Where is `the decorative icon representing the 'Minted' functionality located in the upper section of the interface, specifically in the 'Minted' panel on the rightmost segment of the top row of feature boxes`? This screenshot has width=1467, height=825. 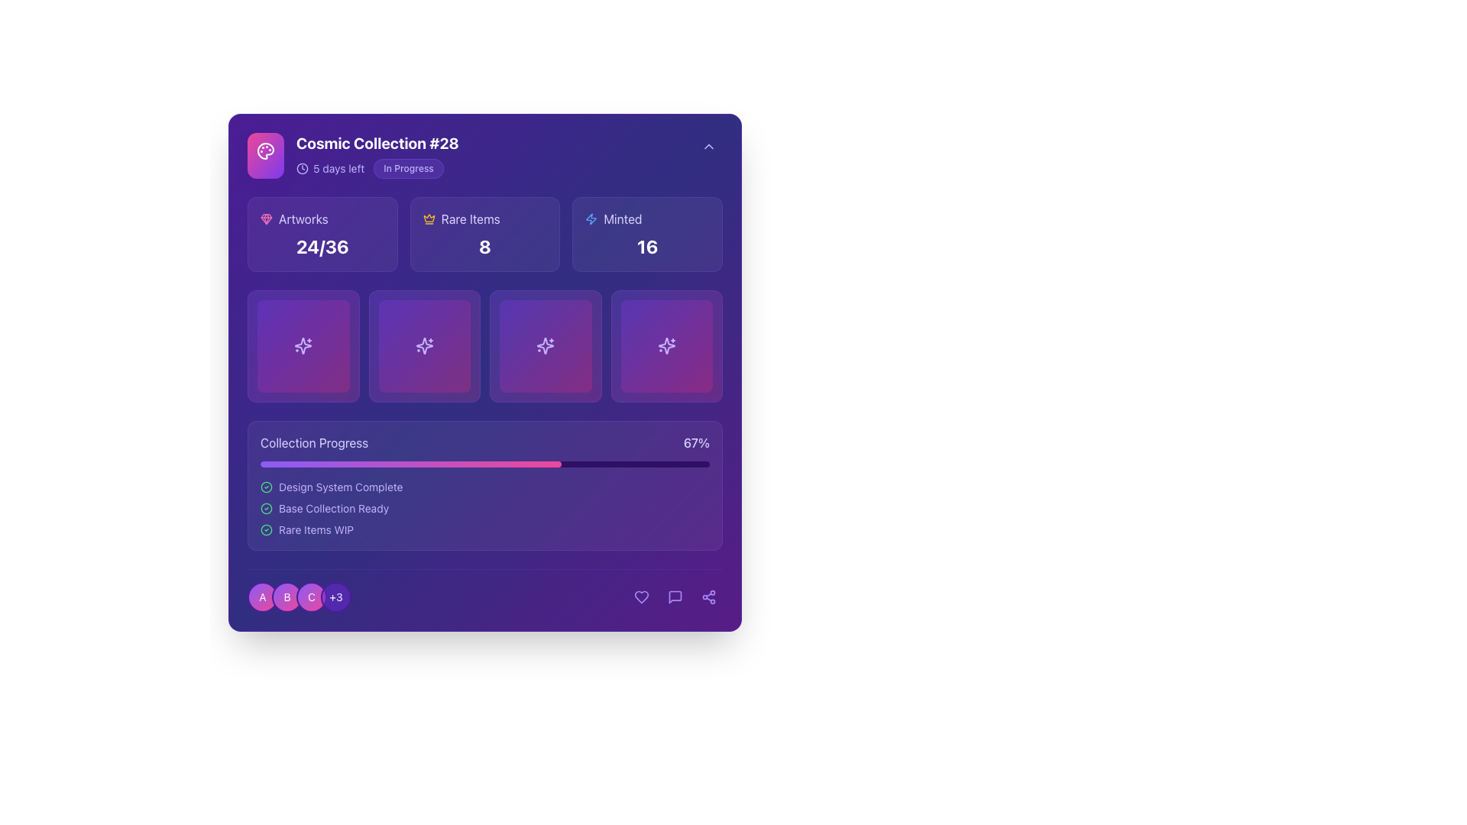
the decorative icon representing the 'Minted' functionality located in the upper section of the interface, specifically in the 'Minted' panel on the rightmost segment of the top row of feature boxes is located at coordinates (591, 218).